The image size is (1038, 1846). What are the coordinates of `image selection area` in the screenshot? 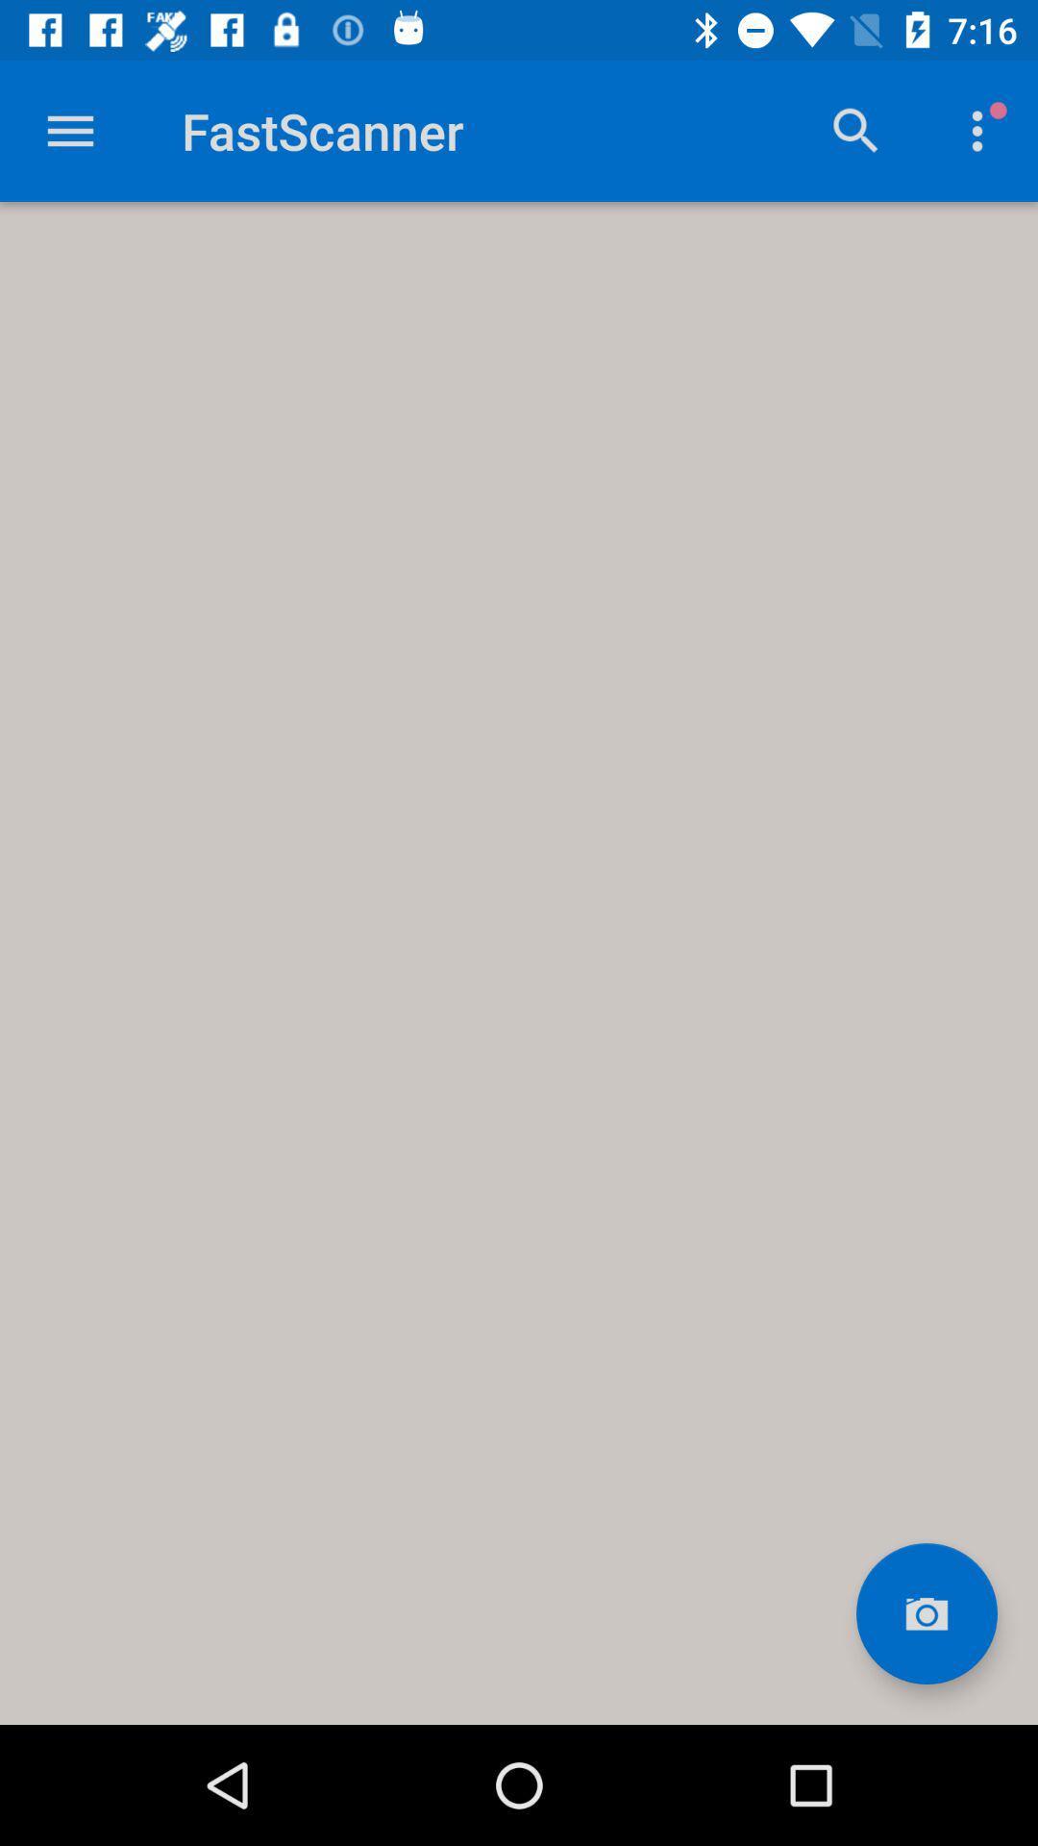 It's located at (926, 1613).